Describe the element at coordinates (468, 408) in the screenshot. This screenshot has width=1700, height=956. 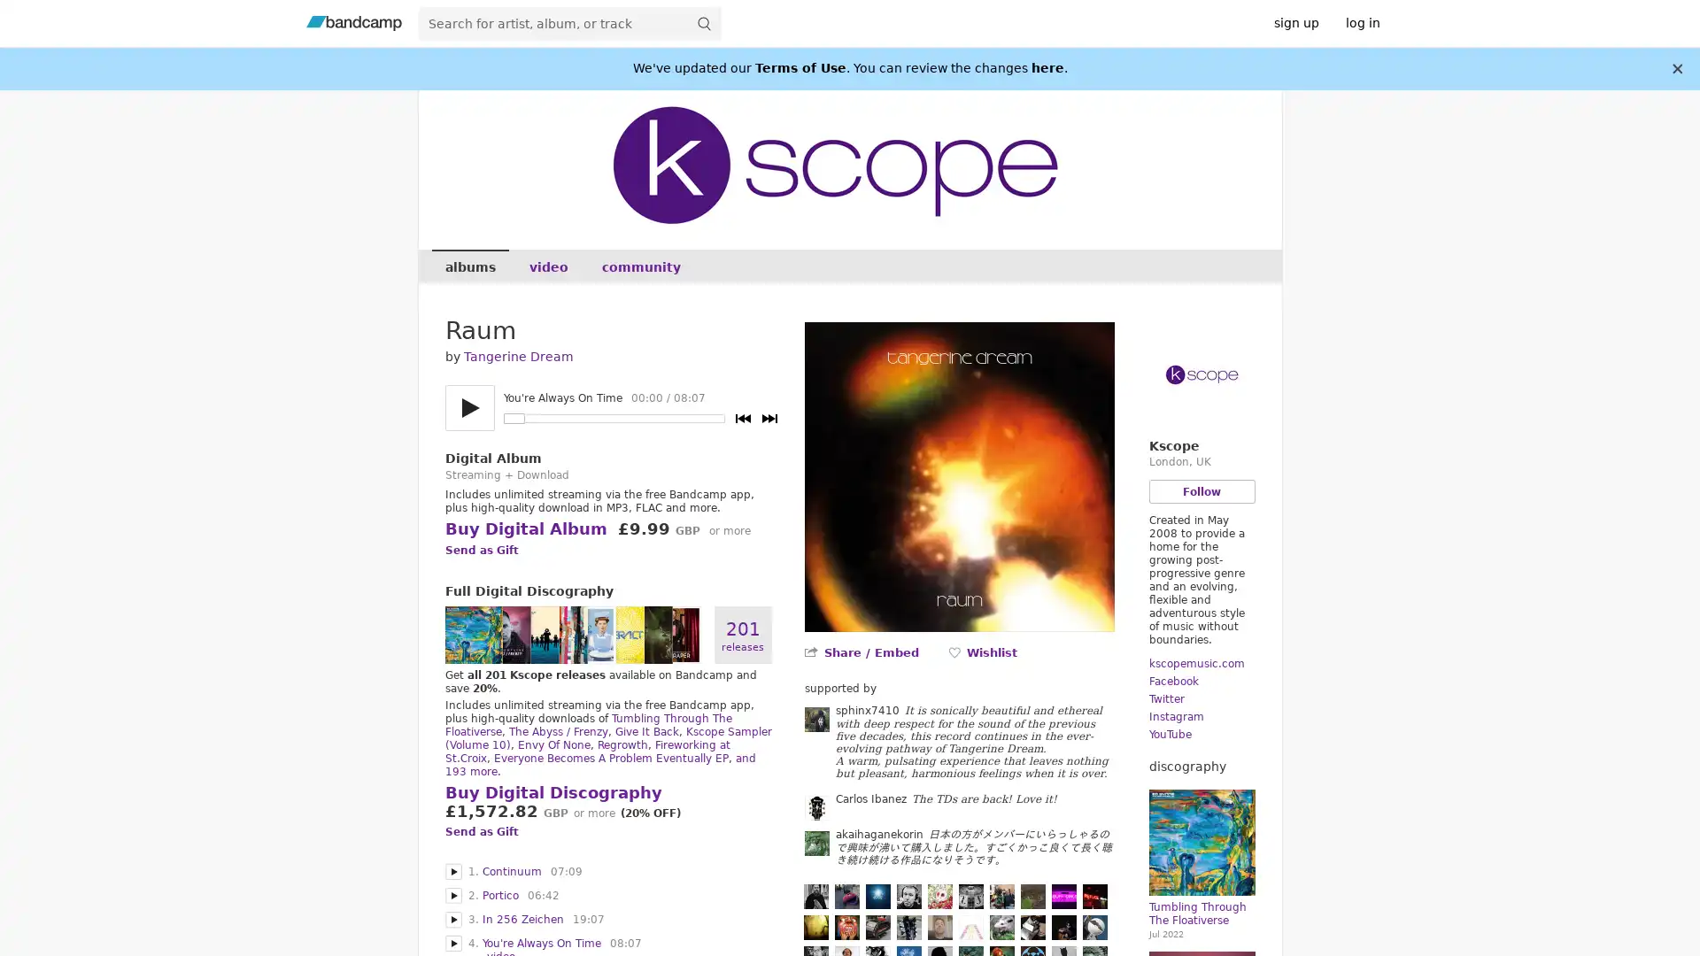
I see `Play/pause` at that location.